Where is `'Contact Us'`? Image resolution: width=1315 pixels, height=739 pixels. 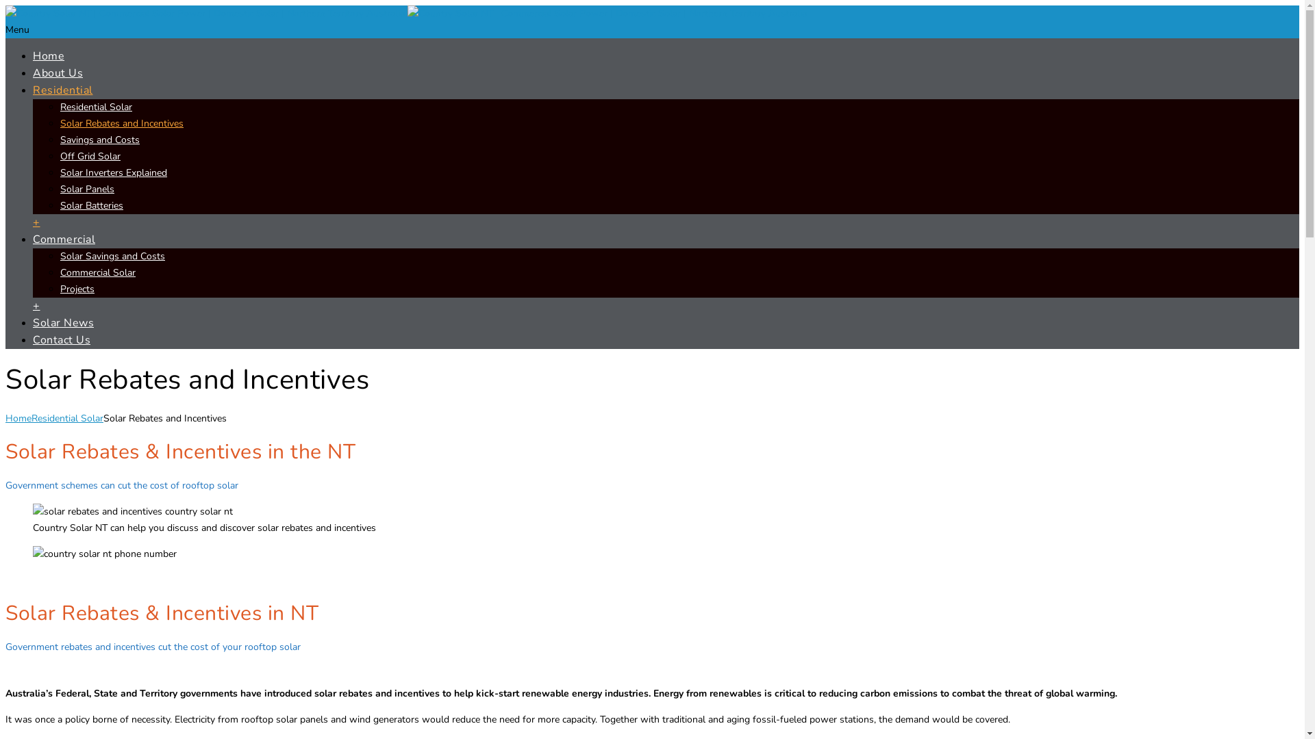
'Contact Us' is located at coordinates (61, 339).